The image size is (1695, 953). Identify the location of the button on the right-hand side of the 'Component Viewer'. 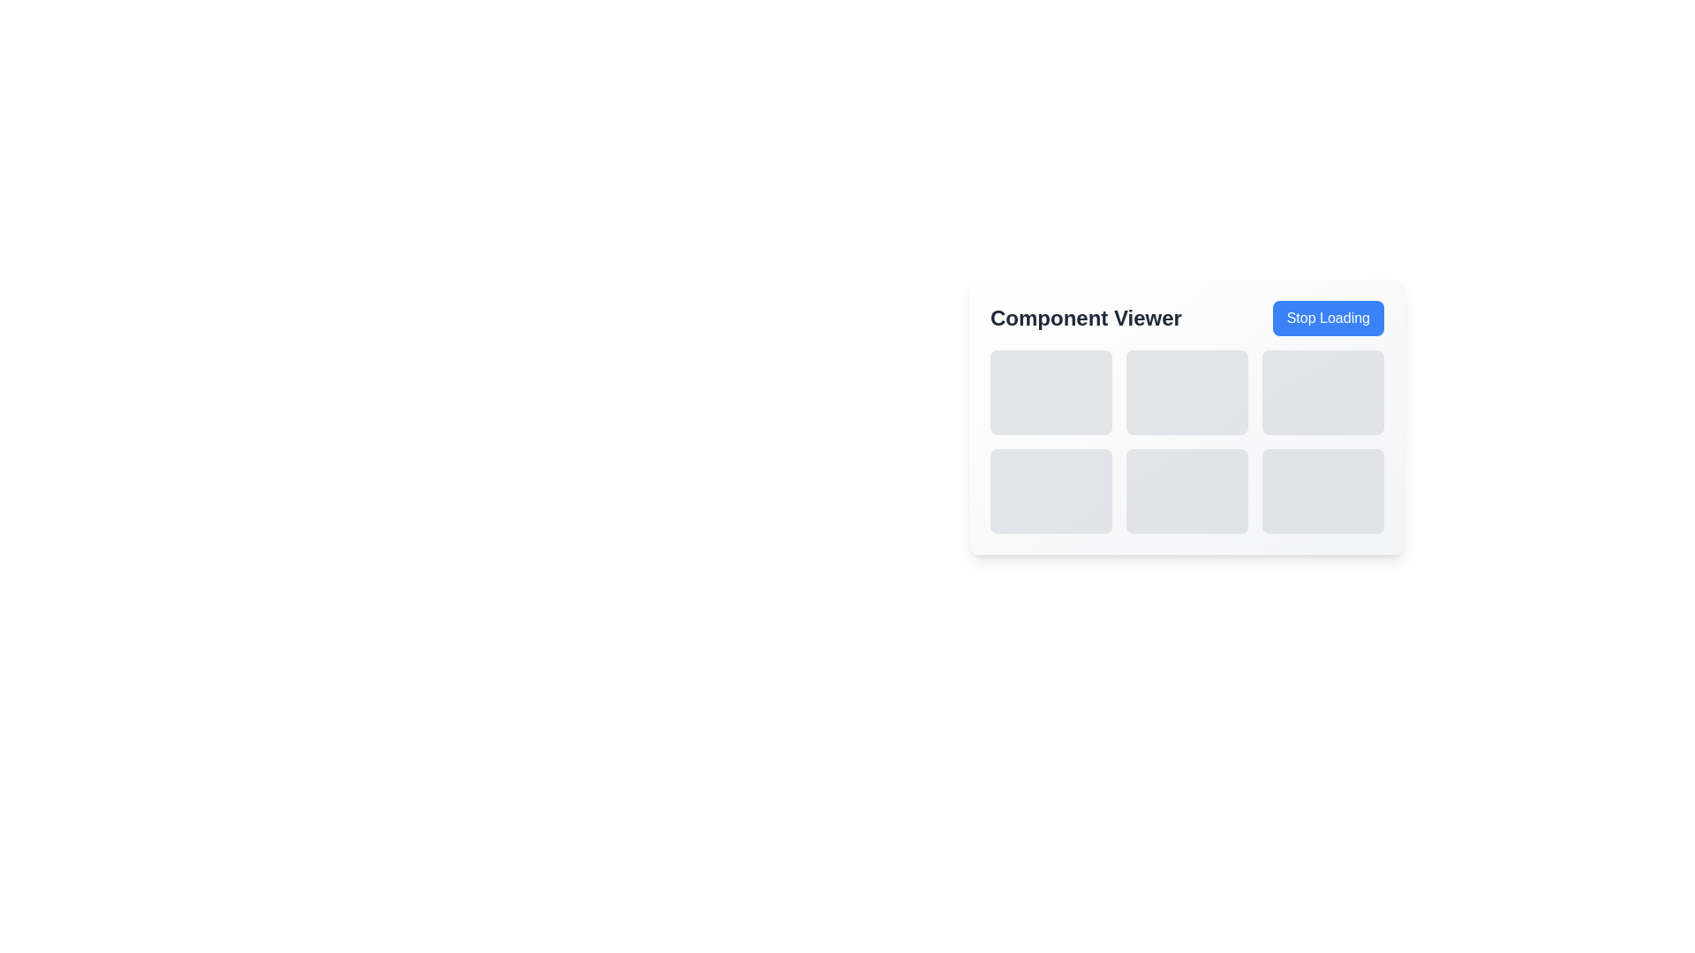
(1328, 319).